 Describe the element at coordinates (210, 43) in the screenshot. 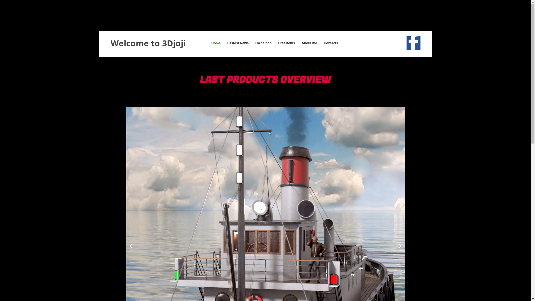

I see `'Home'` at that location.